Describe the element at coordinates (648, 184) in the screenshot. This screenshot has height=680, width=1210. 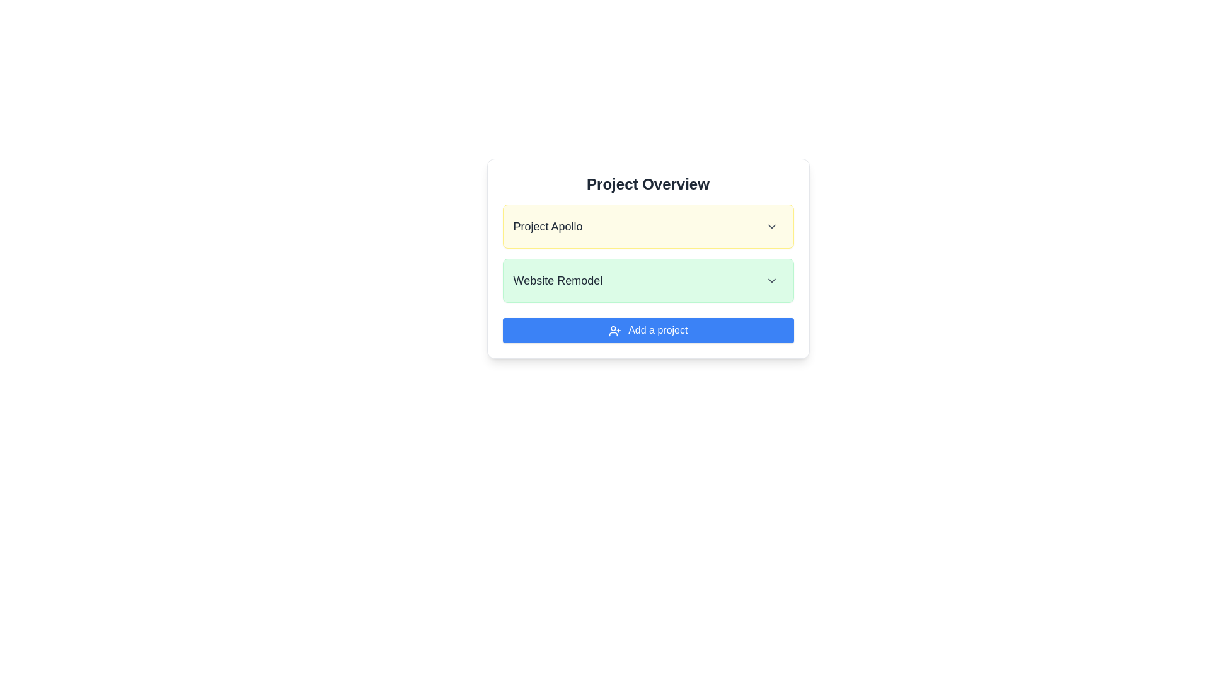
I see `the Text Label that serves as the heading for the 'Project Overview' section, positioned at the top of the card-like interface` at that location.